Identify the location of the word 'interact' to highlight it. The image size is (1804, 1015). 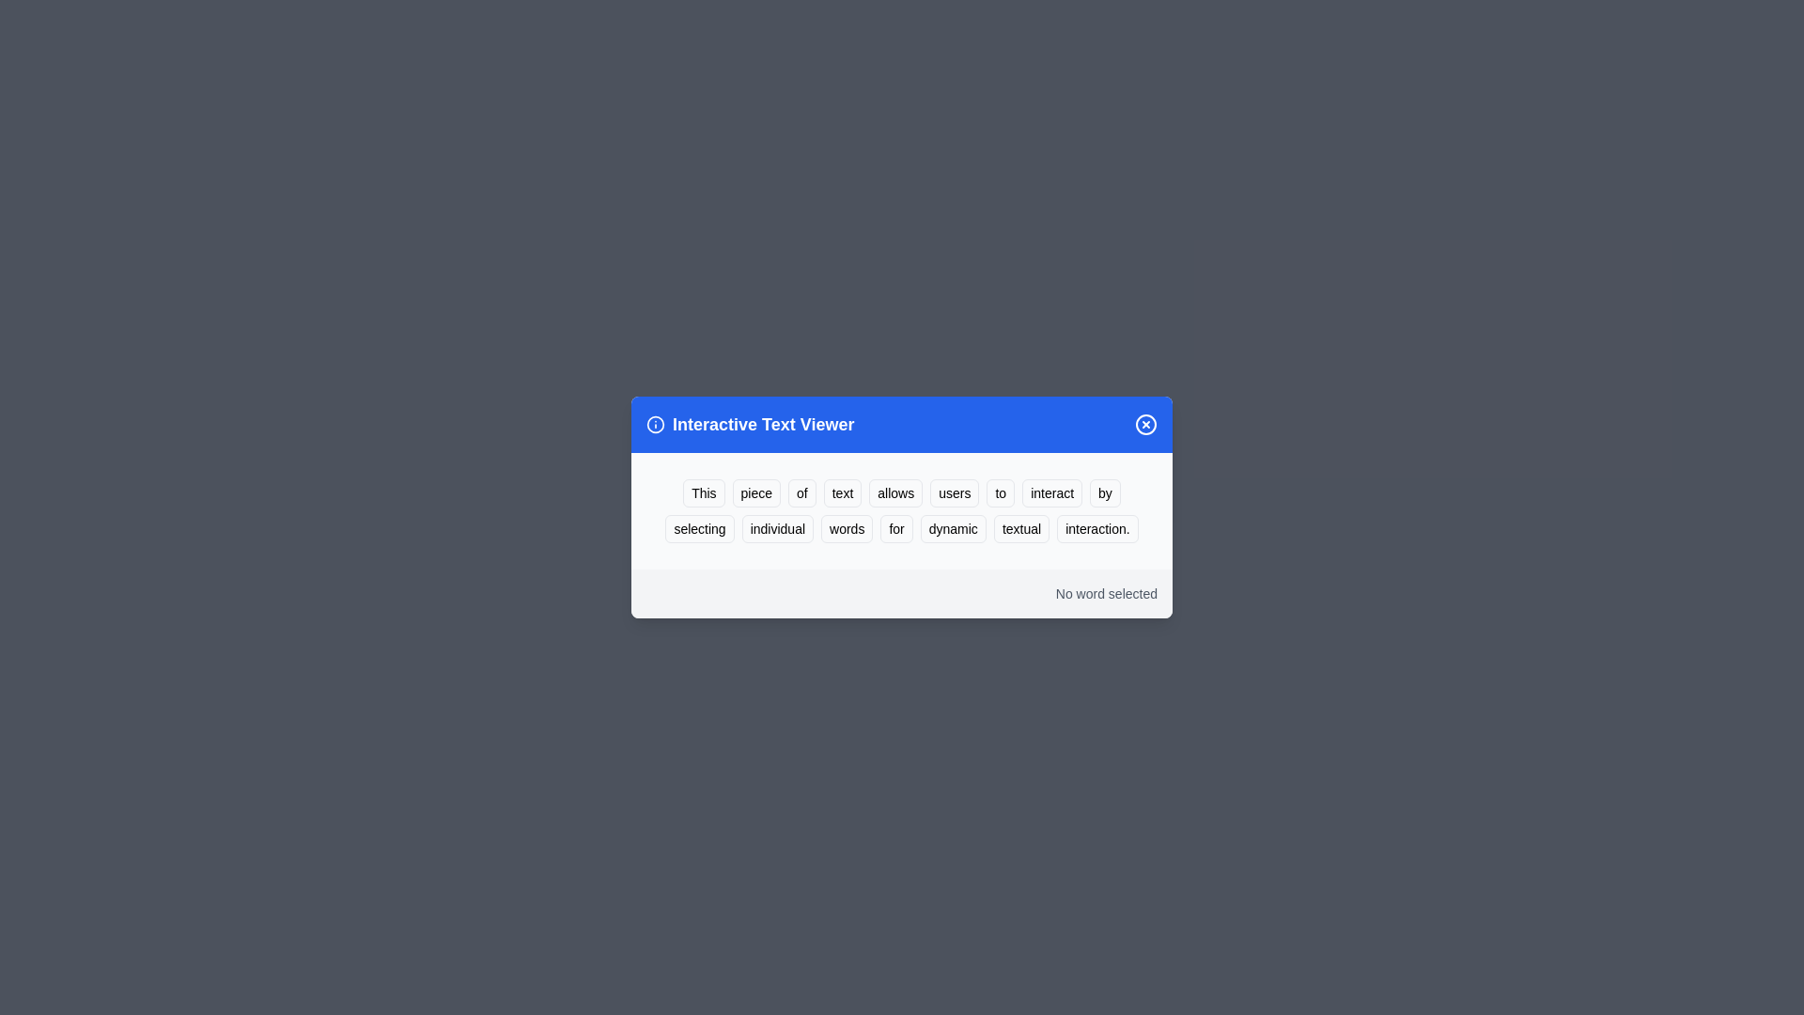
(1052, 492).